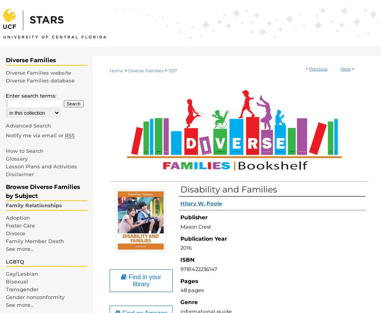  What do you see at coordinates (22, 289) in the screenshot?
I see `'Transgender'` at bounding box center [22, 289].